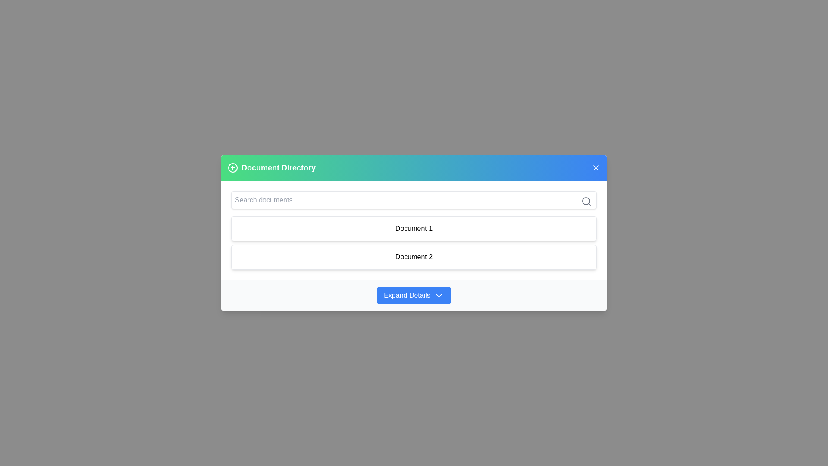 This screenshot has width=828, height=466. Describe the element at coordinates (414, 294) in the screenshot. I see `the 'Expand Details' button to toggle the expansion of additional details` at that location.